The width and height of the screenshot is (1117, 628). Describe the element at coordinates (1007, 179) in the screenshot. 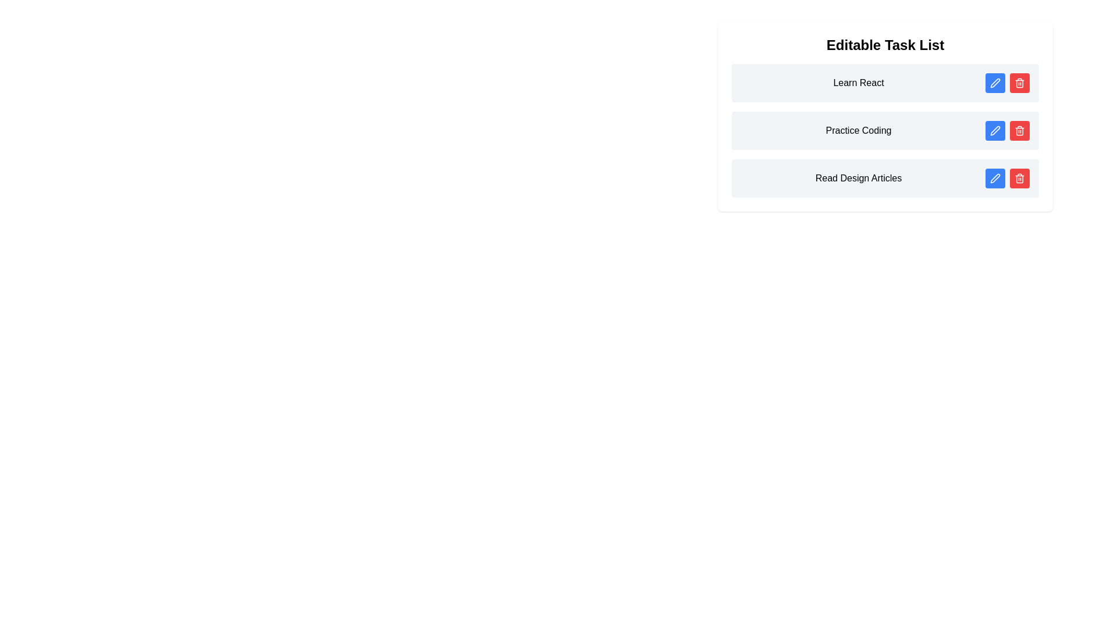

I see `the blue circular button with a pen icon` at that location.